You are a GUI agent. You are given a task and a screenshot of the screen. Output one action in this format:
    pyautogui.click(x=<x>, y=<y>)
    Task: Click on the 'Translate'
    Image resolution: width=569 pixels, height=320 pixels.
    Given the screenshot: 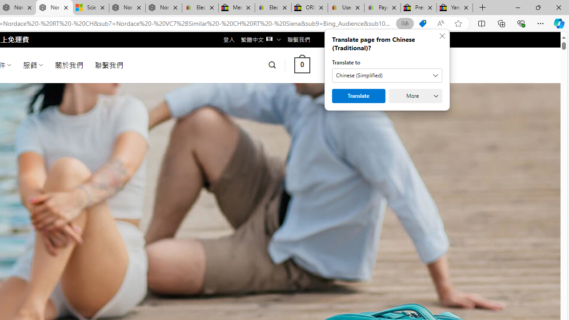 What is the action you would take?
    pyautogui.click(x=359, y=96)
    